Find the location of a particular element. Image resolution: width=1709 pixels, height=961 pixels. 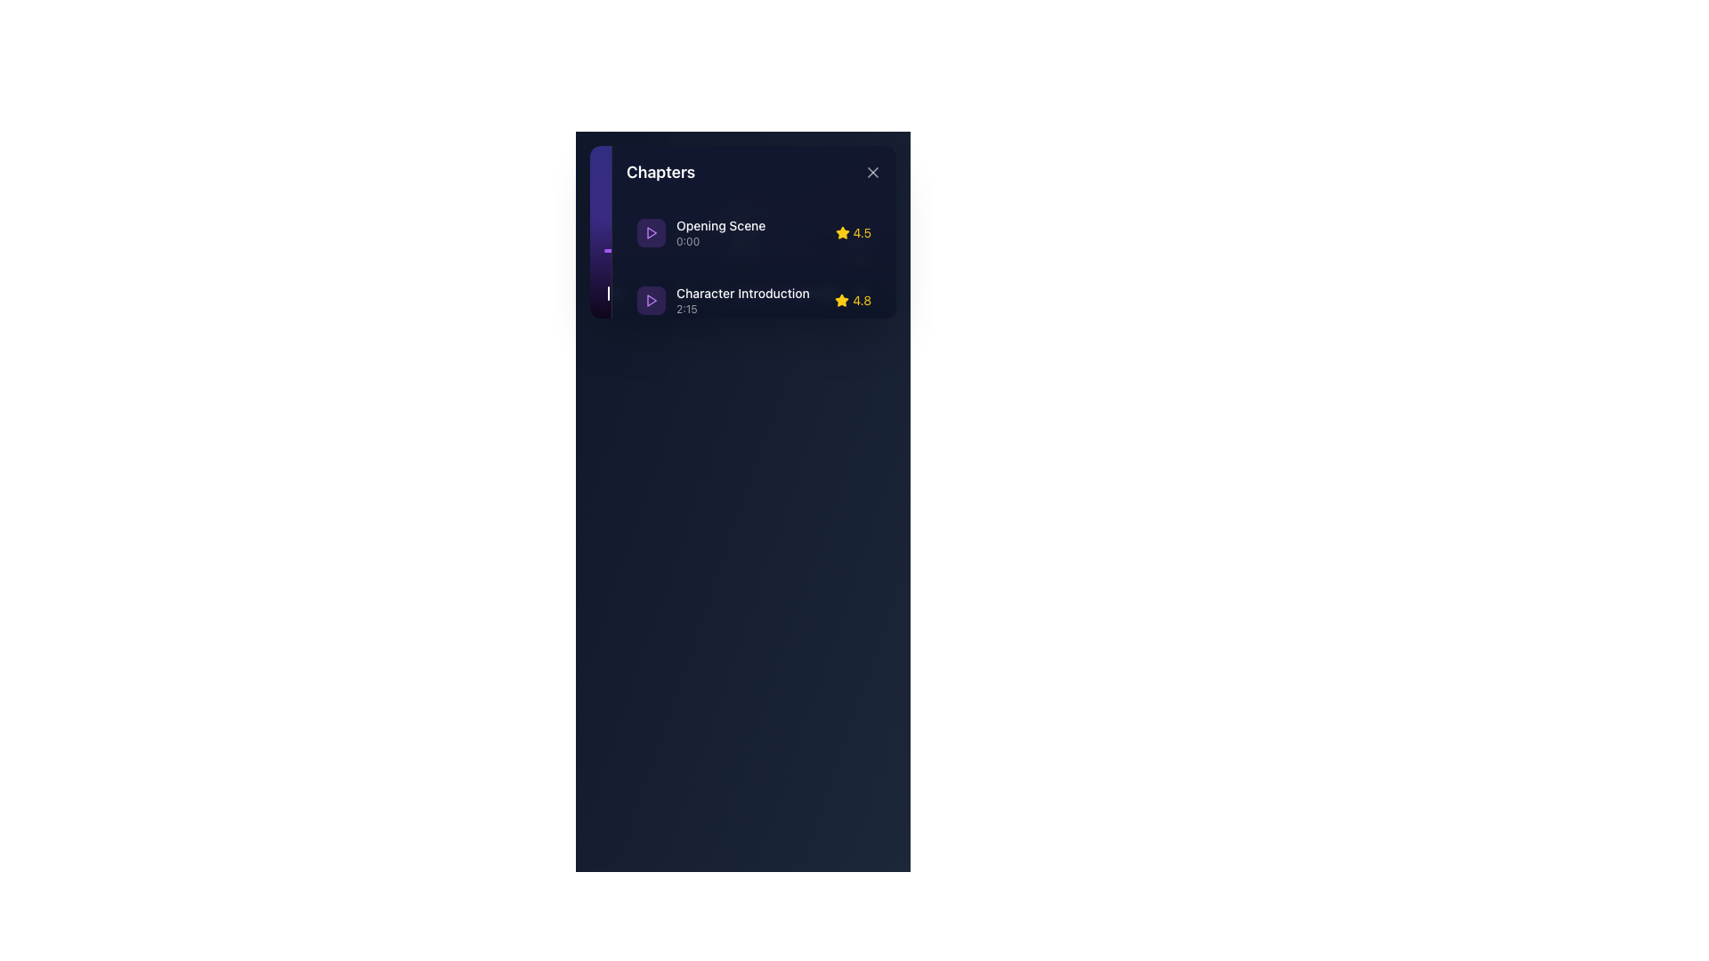

the 'X'-shaped close button in the top-right corner of the 'Chapters' section is located at coordinates (872, 172).